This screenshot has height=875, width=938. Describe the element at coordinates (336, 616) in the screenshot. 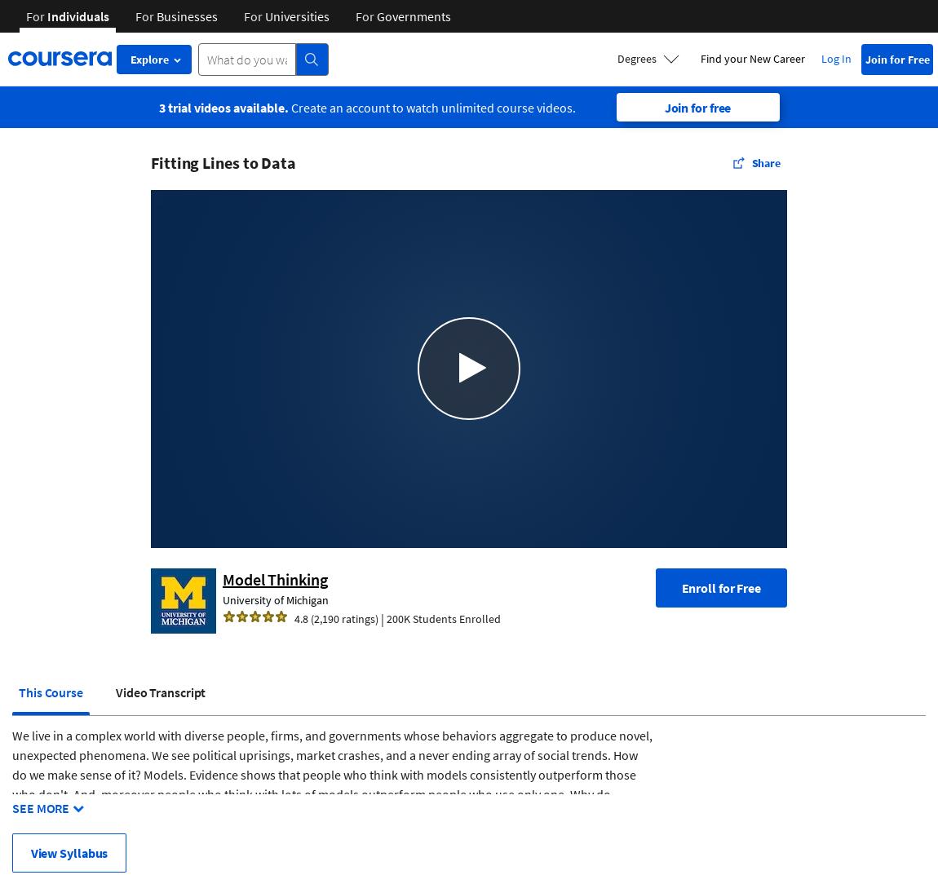

I see `'4.8 (2,190 ratings)'` at that location.